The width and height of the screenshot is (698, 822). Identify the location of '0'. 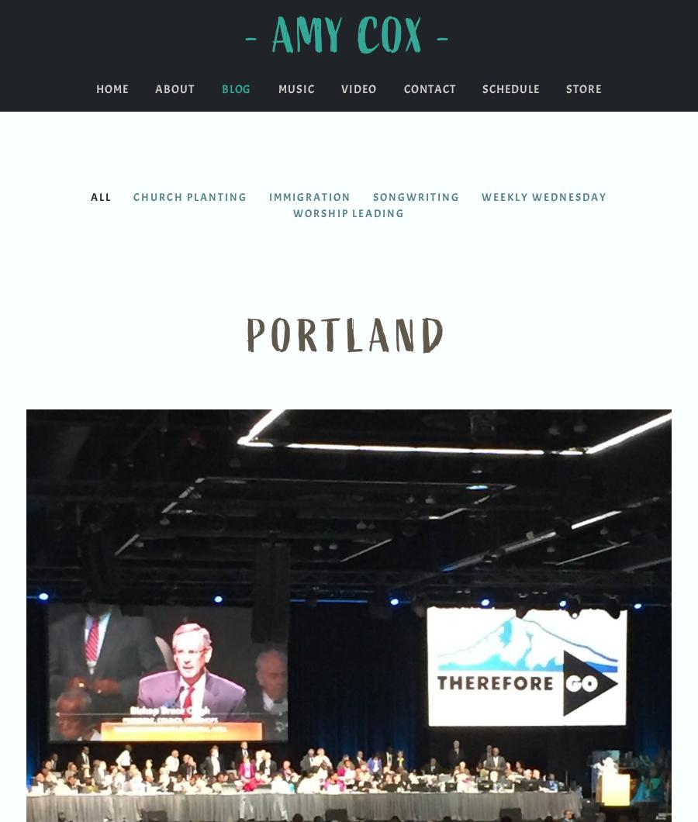
(674, 5).